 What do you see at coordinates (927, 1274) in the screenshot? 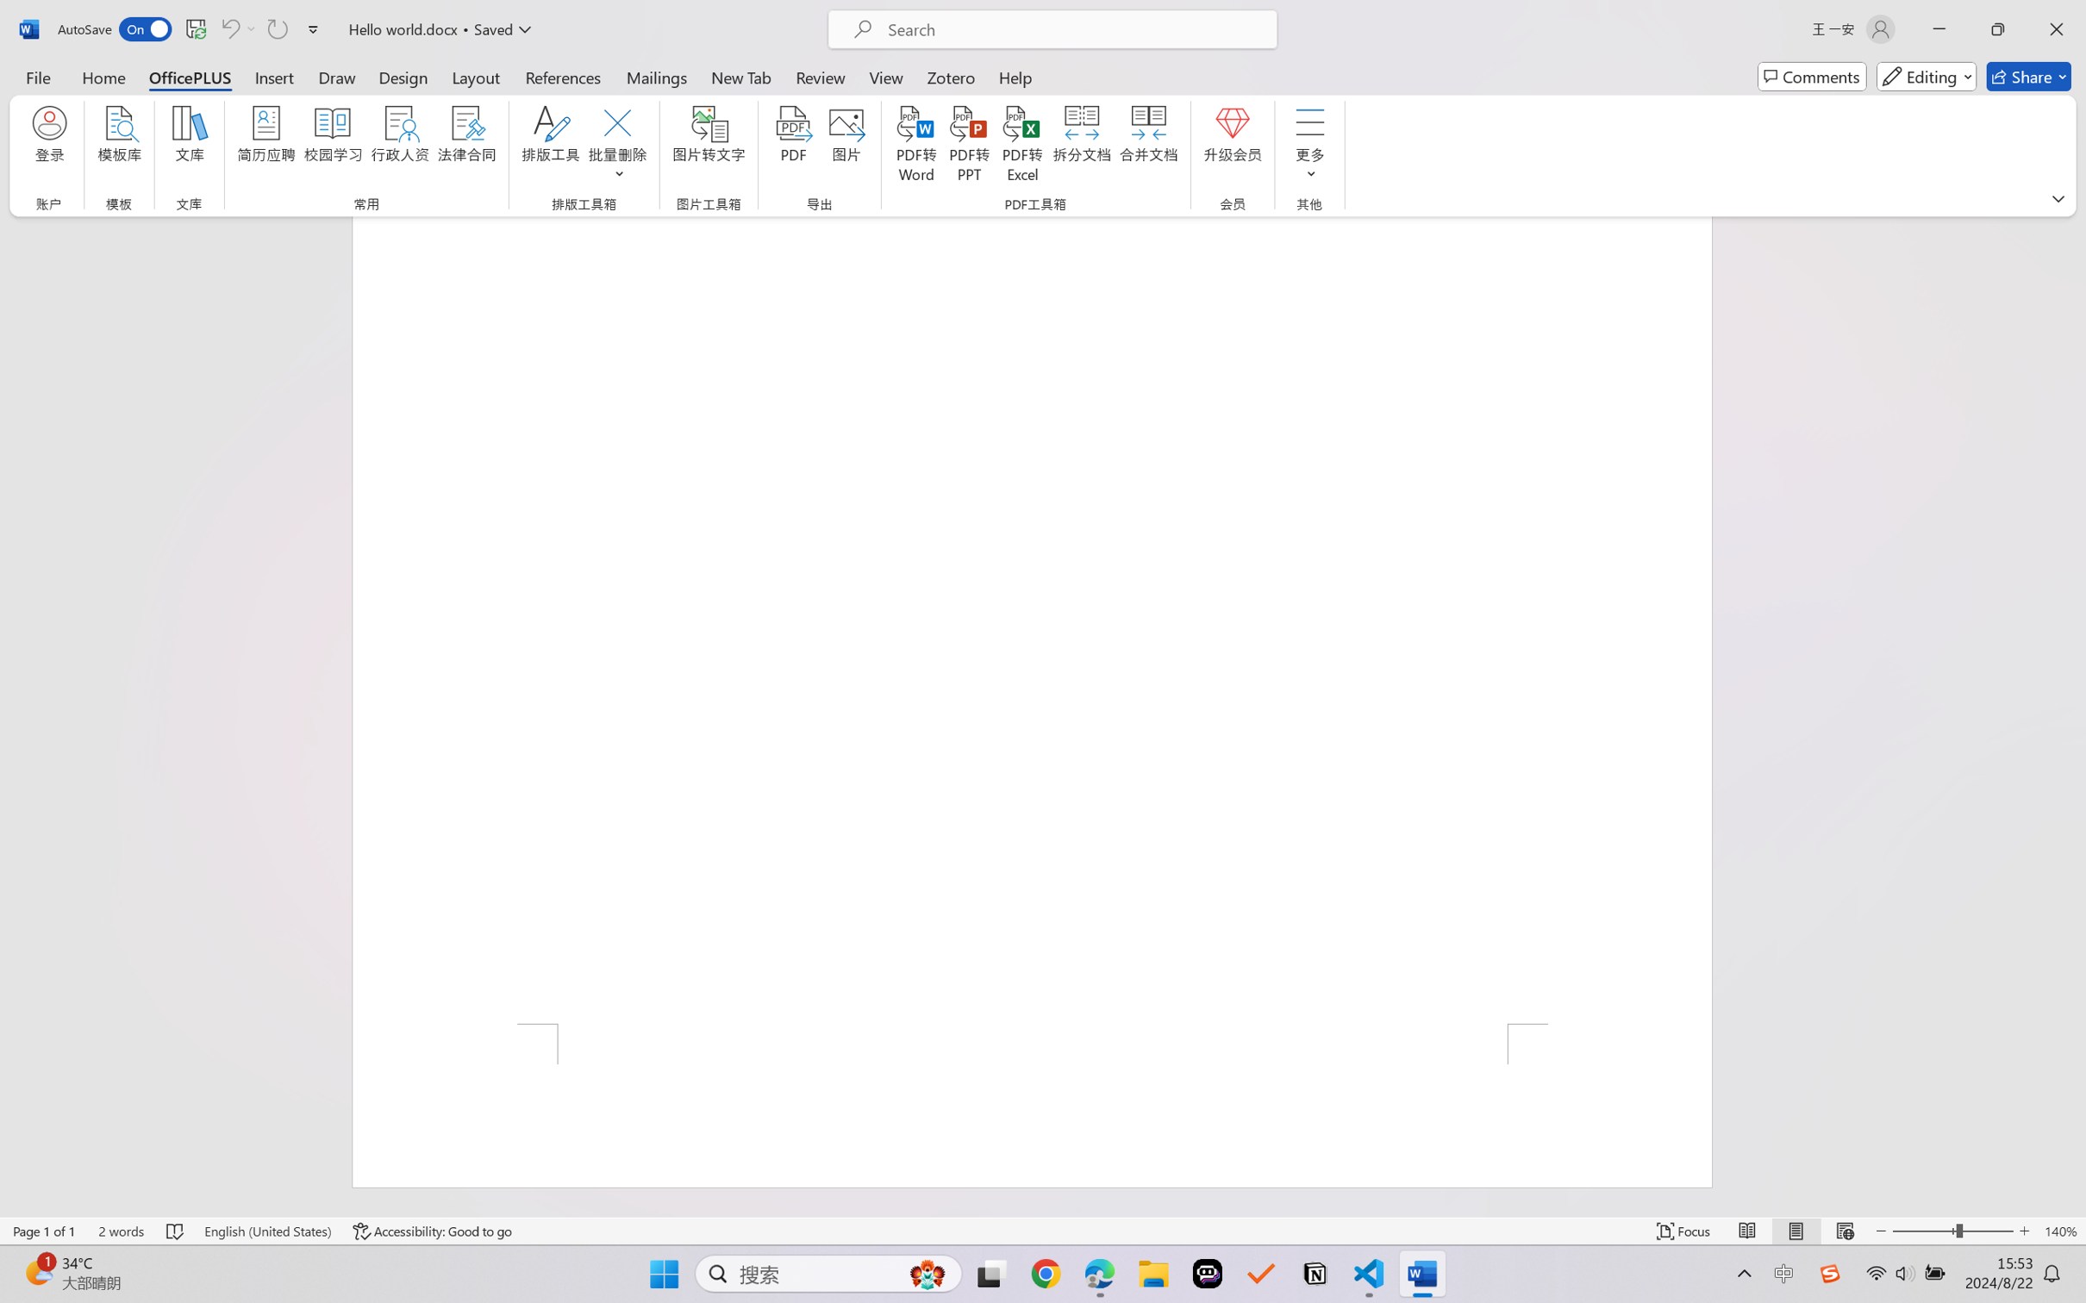
I see `'AutomationID: DynamicSearchBoxGleamImage'` at bounding box center [927, 1274].